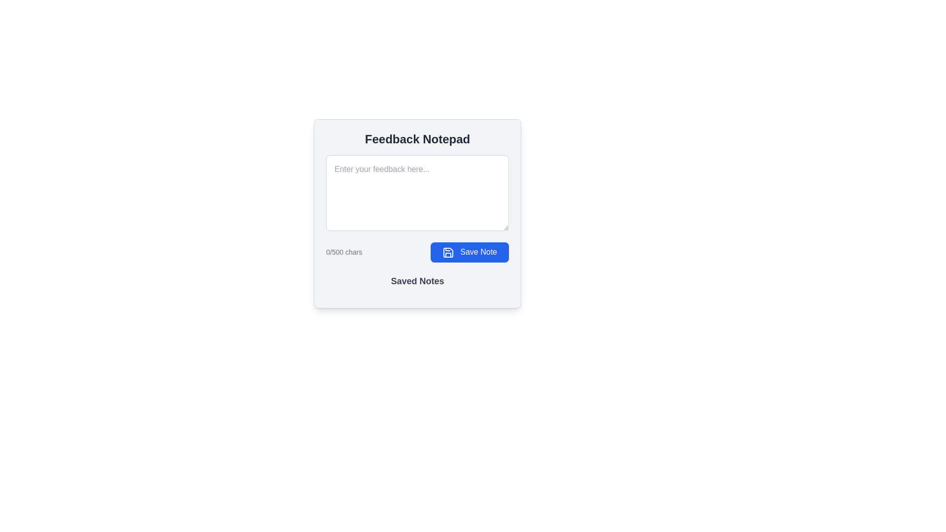  I want to click on the save button icon located inside the 'Feedback Notepad' modal, specifically positioned to the left of the text label, so click(447, 252).